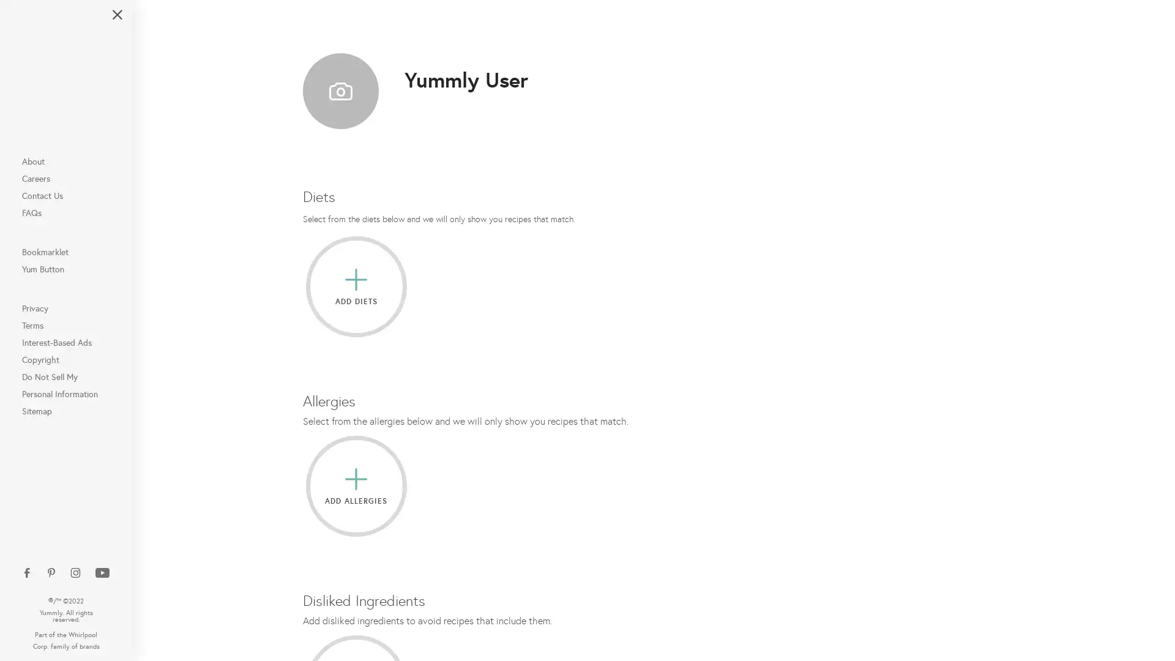 The image size is (1175, 661). I want to click on Do Not Sell My Personal Information, so click(65, 386).